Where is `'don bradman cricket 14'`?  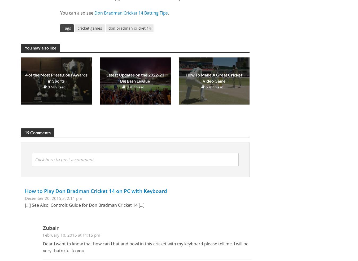
'don bradman cricket 14' is located at coordinates (129, 28).